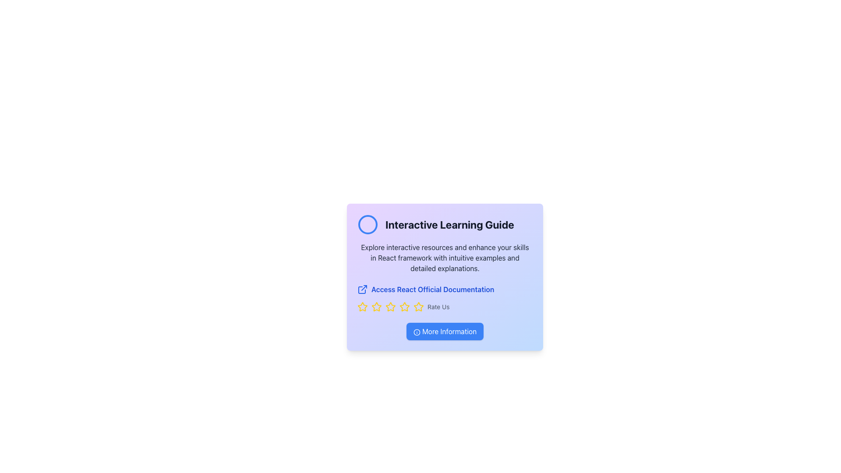 This screenshot has height=473, width=841. What do you see at coordinates (445, 289) in the screenshot?
I see `the hyperlink labeled 'Access React Official Documentation'` at bounding box center [445, 289].